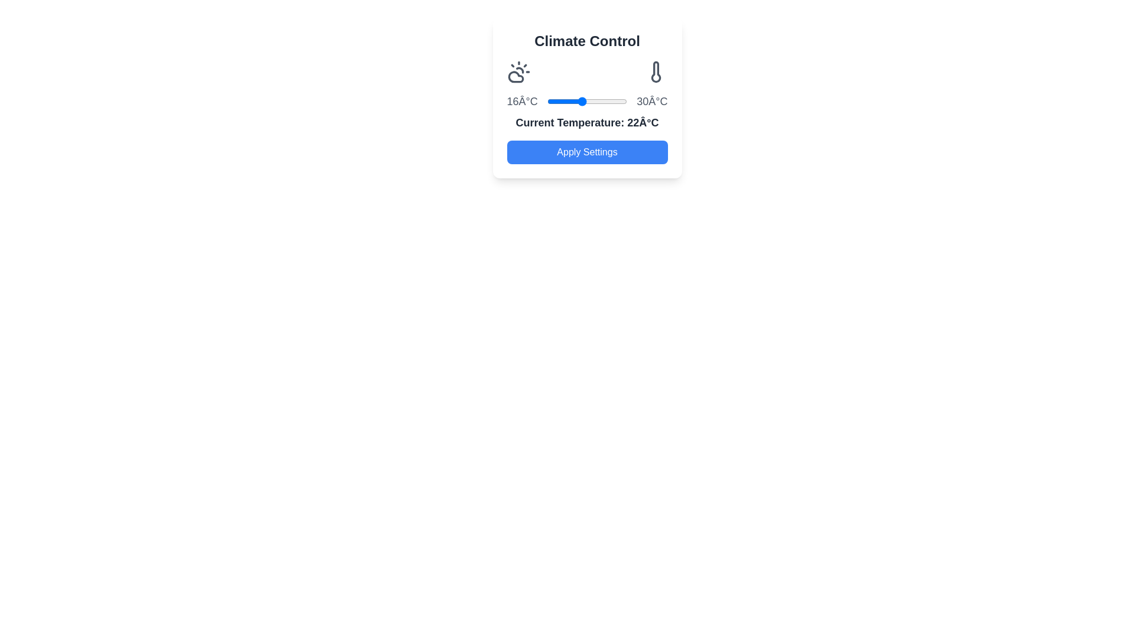 The height and width of the screenshot is (638, 1135). I want to click on the temperature, so click(546, 101).